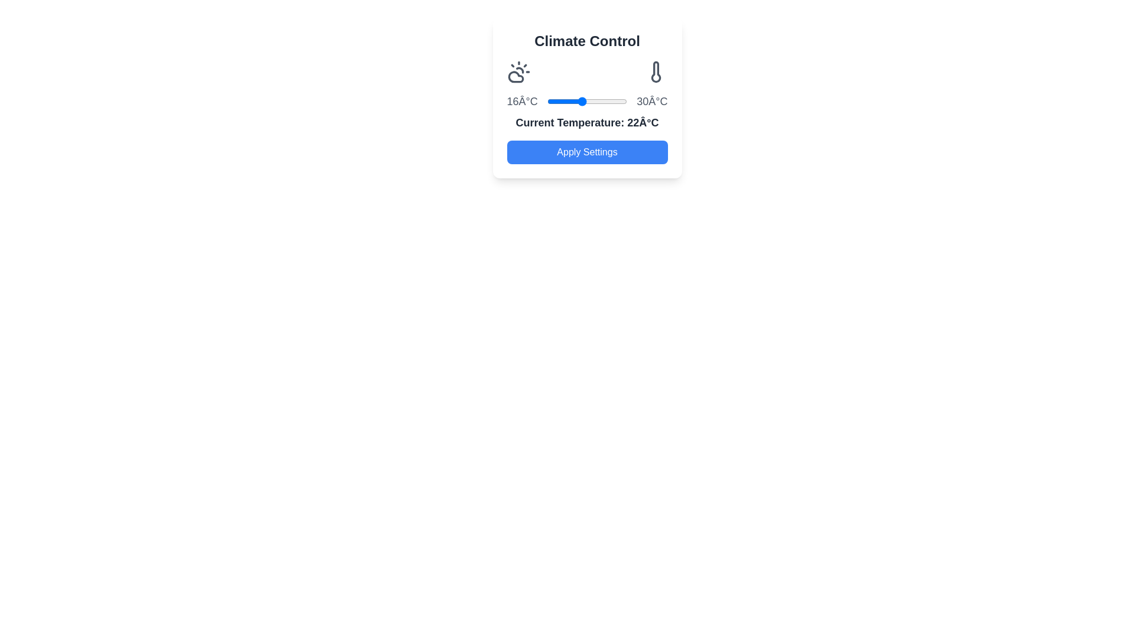 The height and width of the screenshot is (638, 1135). I want to click on the temperature, so click(546, 101).